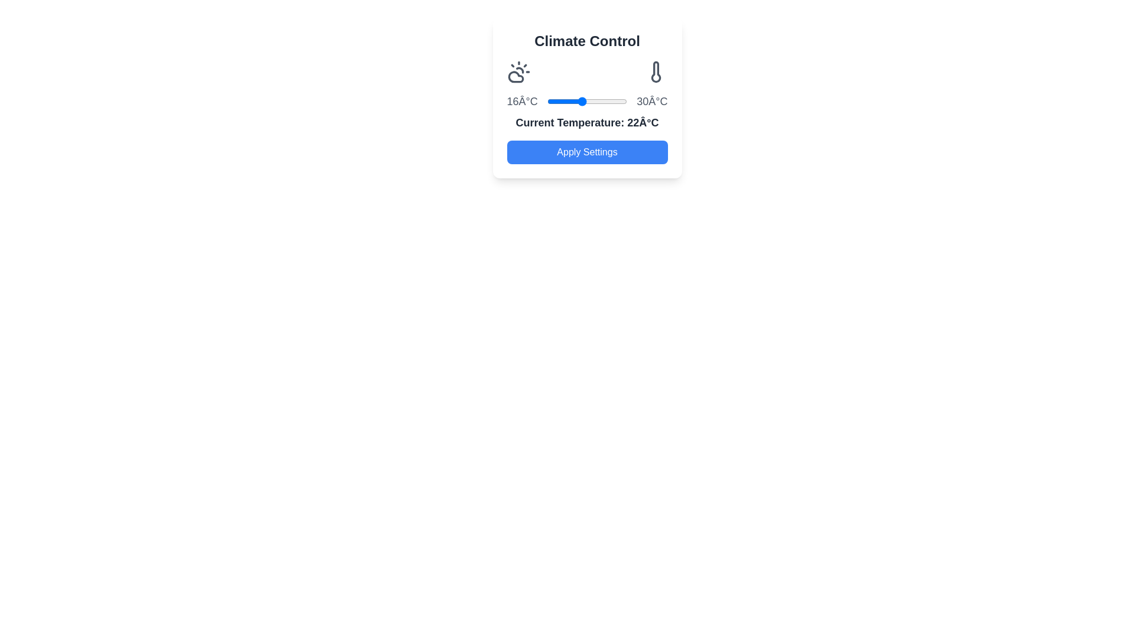 The height and width of the screenshot is (638, 1135). I want to click on the temperature, so click(546, 101).